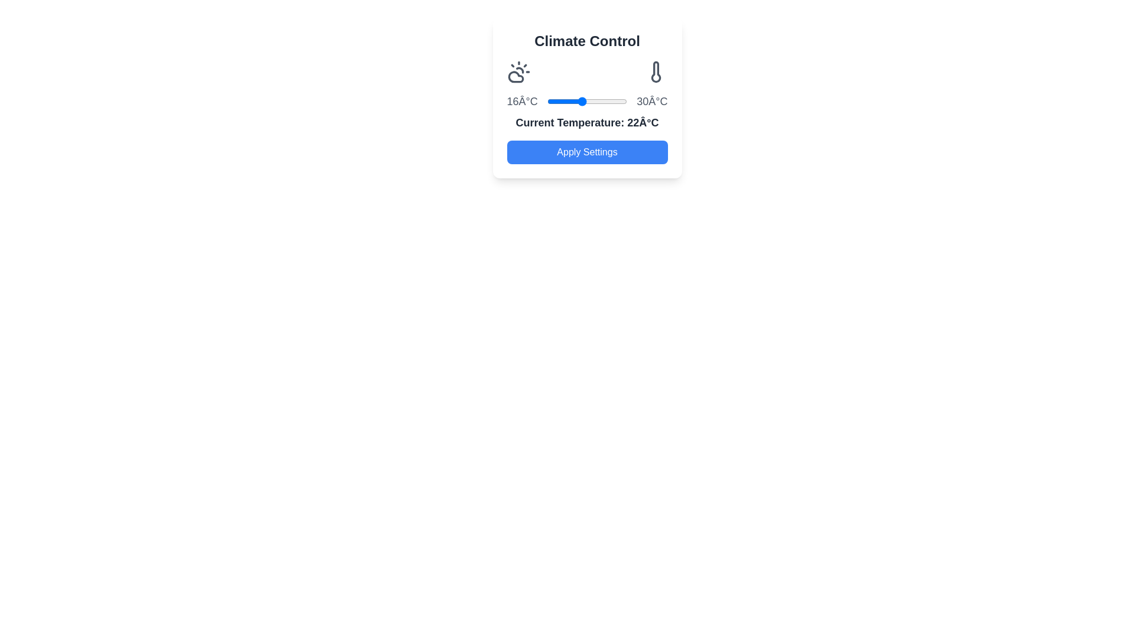 The height and width of the screenshot is (638, 1135). I want to click on the temperature, so click(546, 101).